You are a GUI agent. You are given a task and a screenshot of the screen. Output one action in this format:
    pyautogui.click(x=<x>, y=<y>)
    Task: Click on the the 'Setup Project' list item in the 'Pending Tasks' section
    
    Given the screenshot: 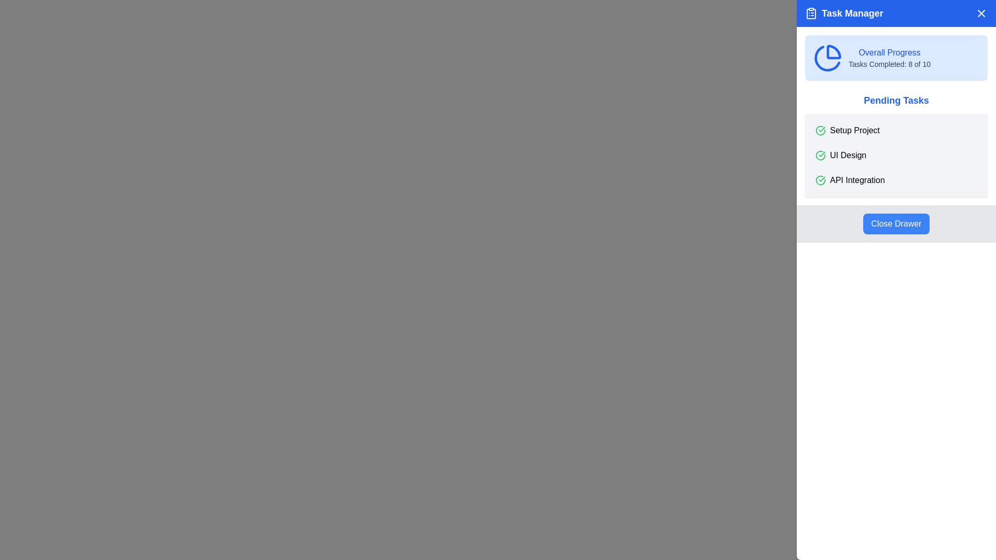 What is the action you would take?
    pyautogui.click(x=896, y=130)
    